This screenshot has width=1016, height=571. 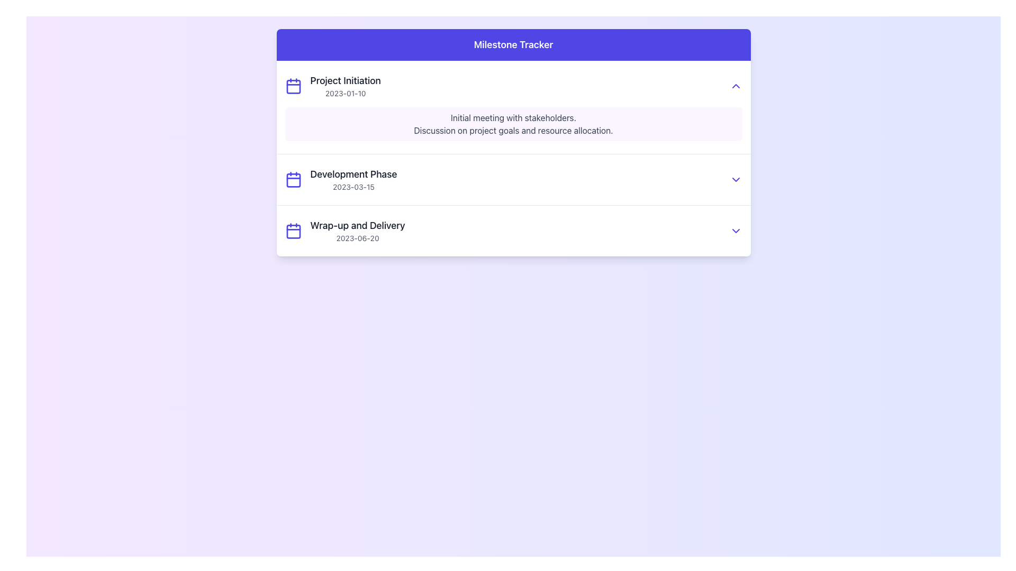 What do you see at coordinates (293, 179) in the screenshot?
I see `calendar icon representing the milestone date for 'Development Phase' to view its styling details` at bounding box center [293, 179].